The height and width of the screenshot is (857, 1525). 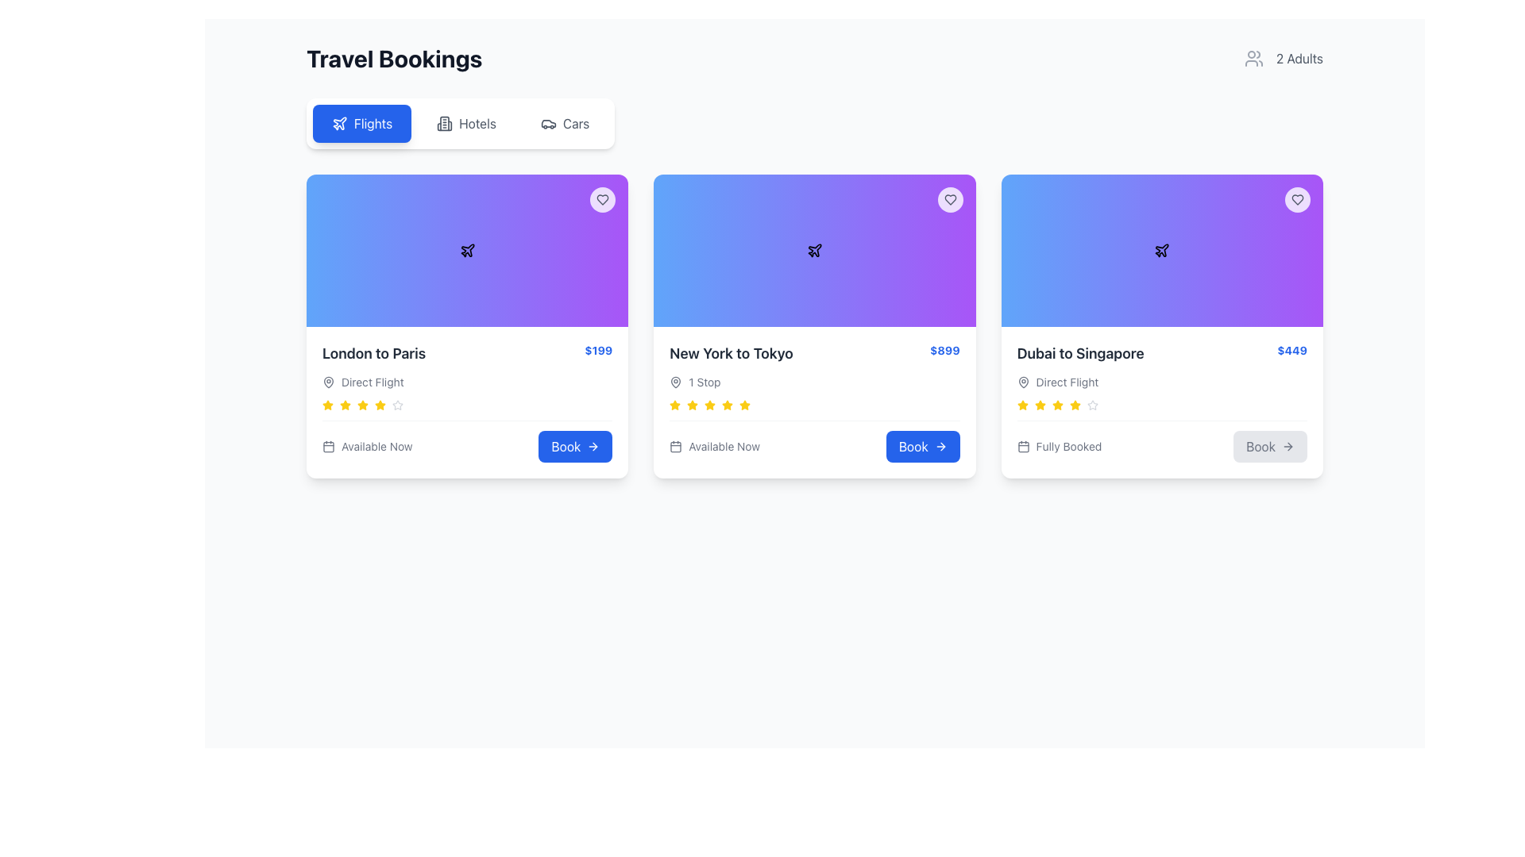 I want to click on the airplane icon located in the purple gradient header section of the 'London to Paris' trip offer card, so click(x=339, y=122).